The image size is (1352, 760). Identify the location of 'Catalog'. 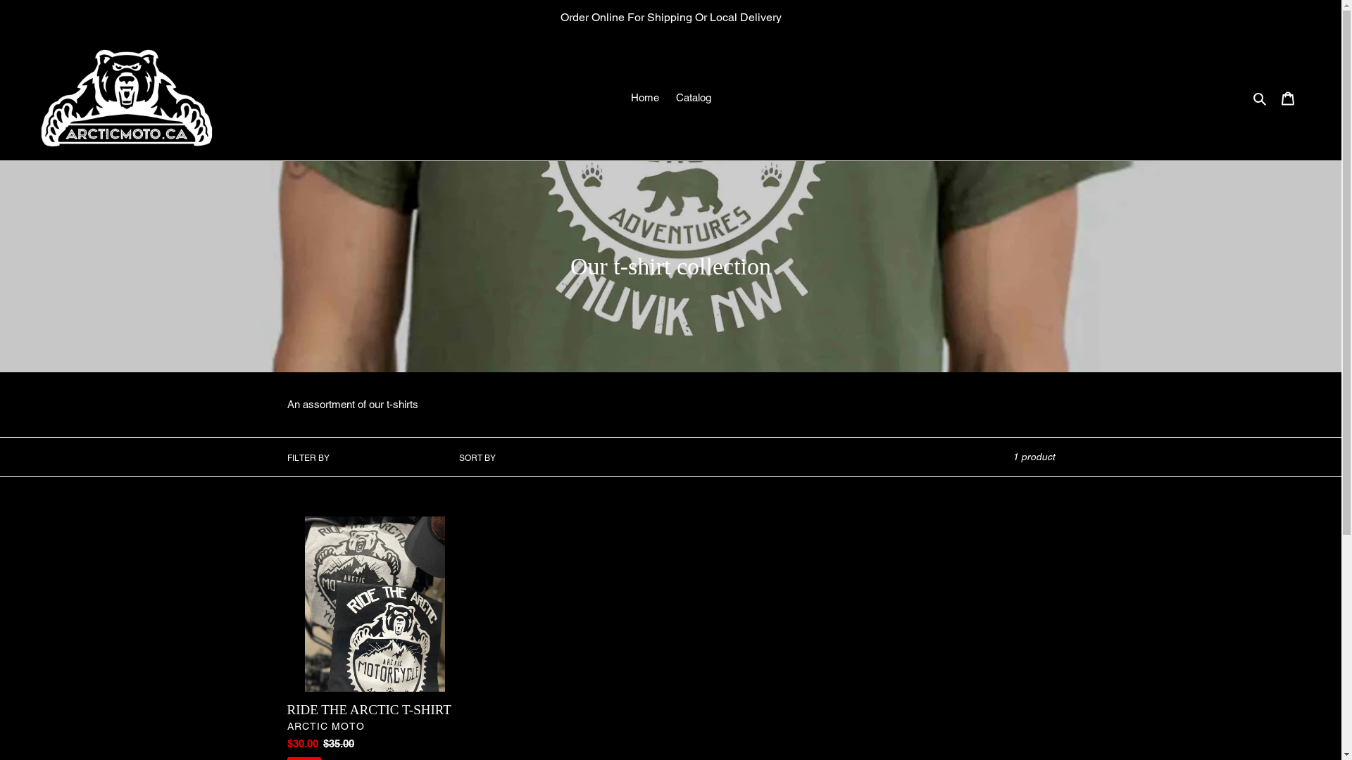
(668, 97).